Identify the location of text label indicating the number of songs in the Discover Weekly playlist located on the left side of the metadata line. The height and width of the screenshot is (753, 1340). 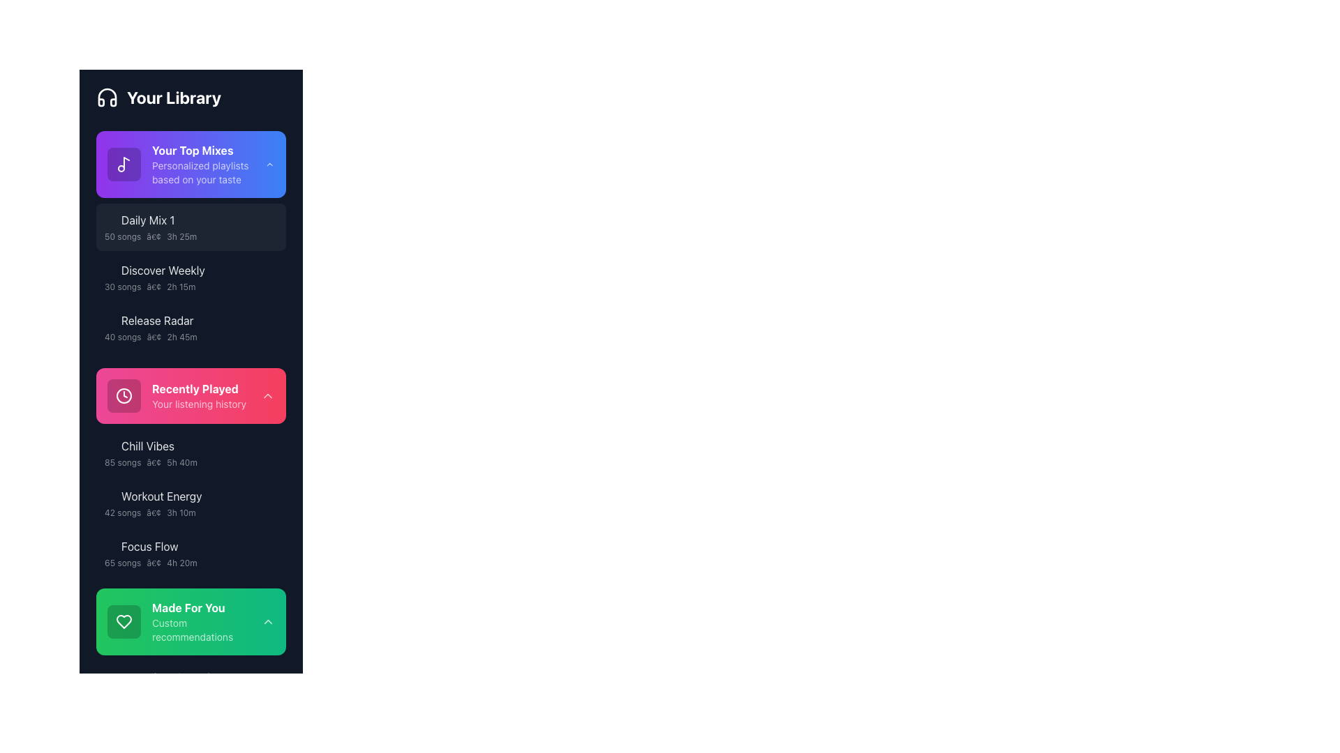
(123, 287).